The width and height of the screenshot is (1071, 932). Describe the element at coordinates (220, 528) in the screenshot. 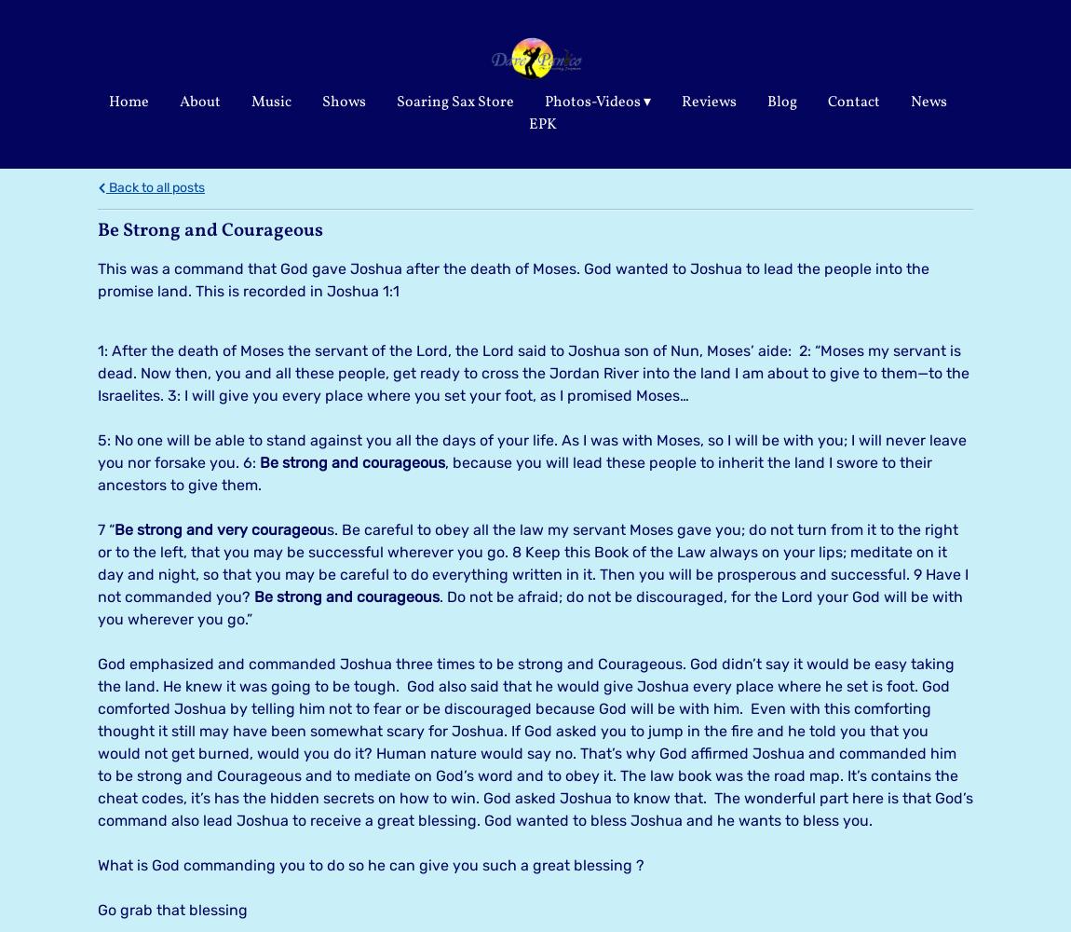

I see `'Be strong and very courageou'` at that location.